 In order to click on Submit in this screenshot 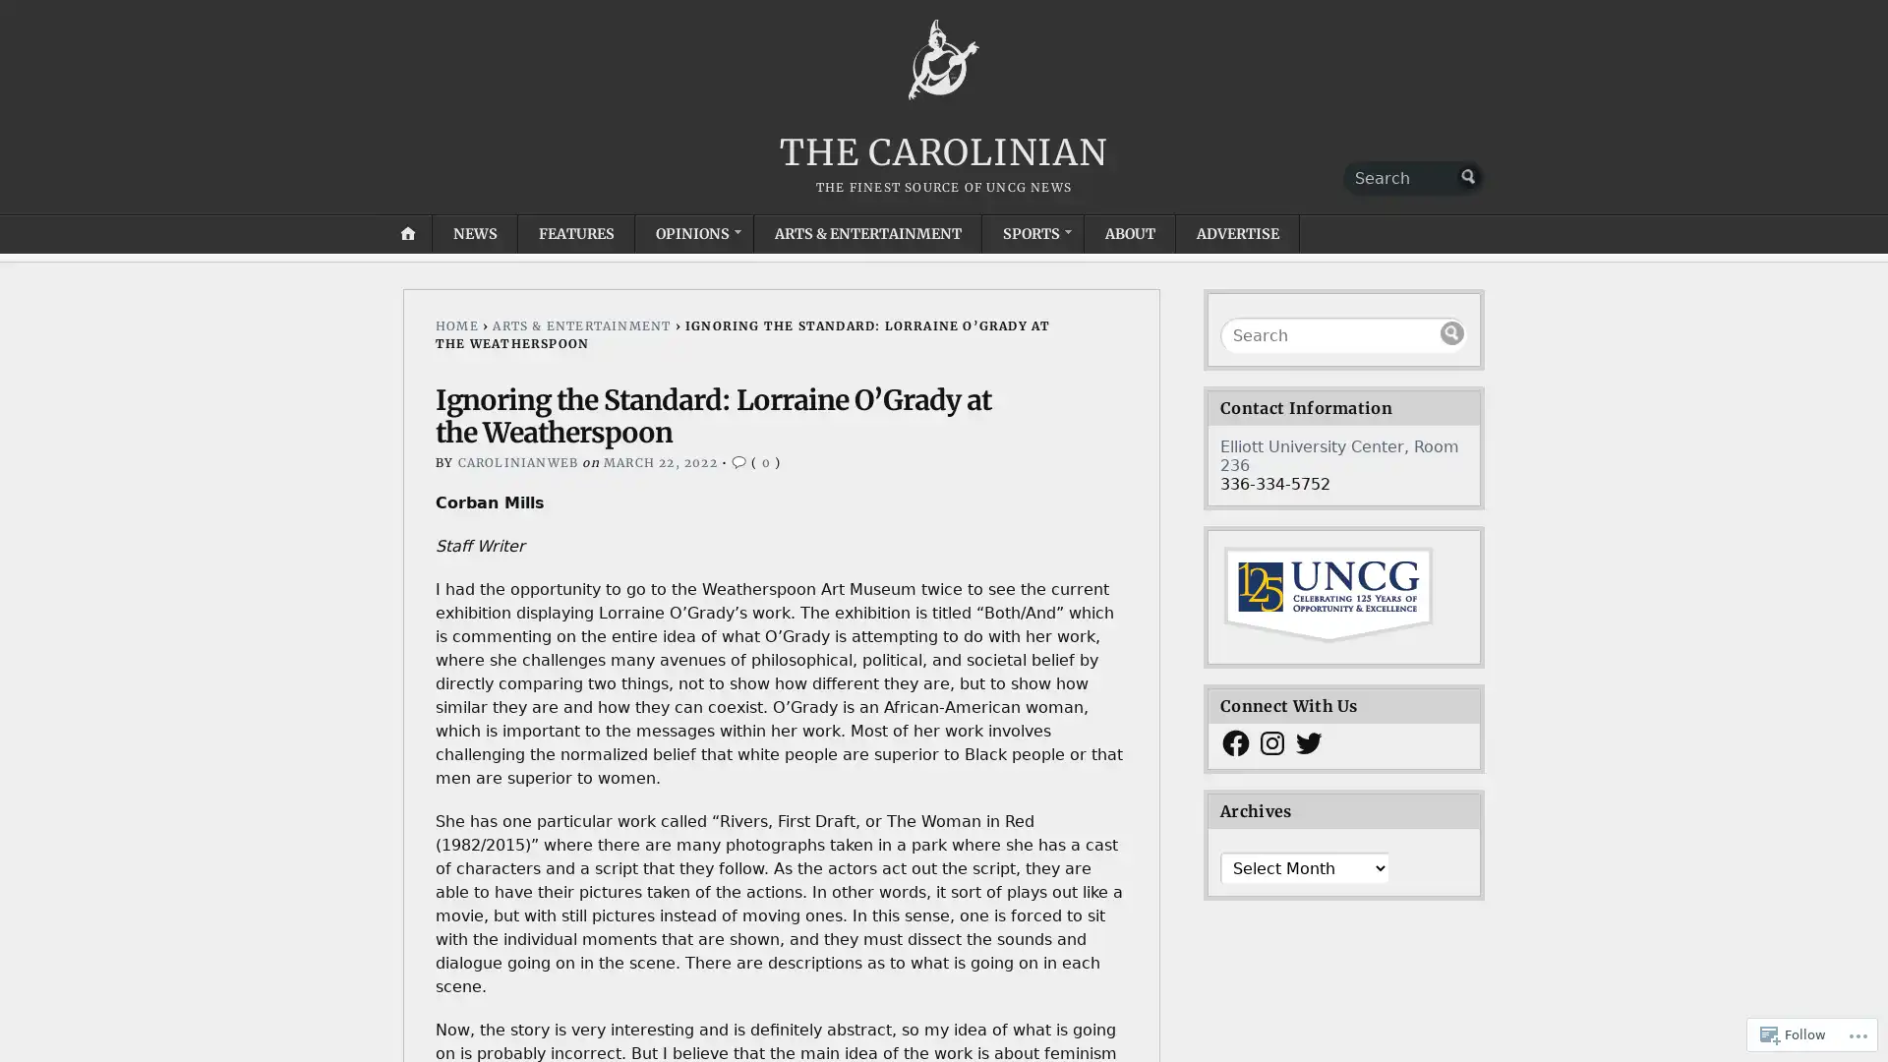, I will do `click(1468, 177)`.